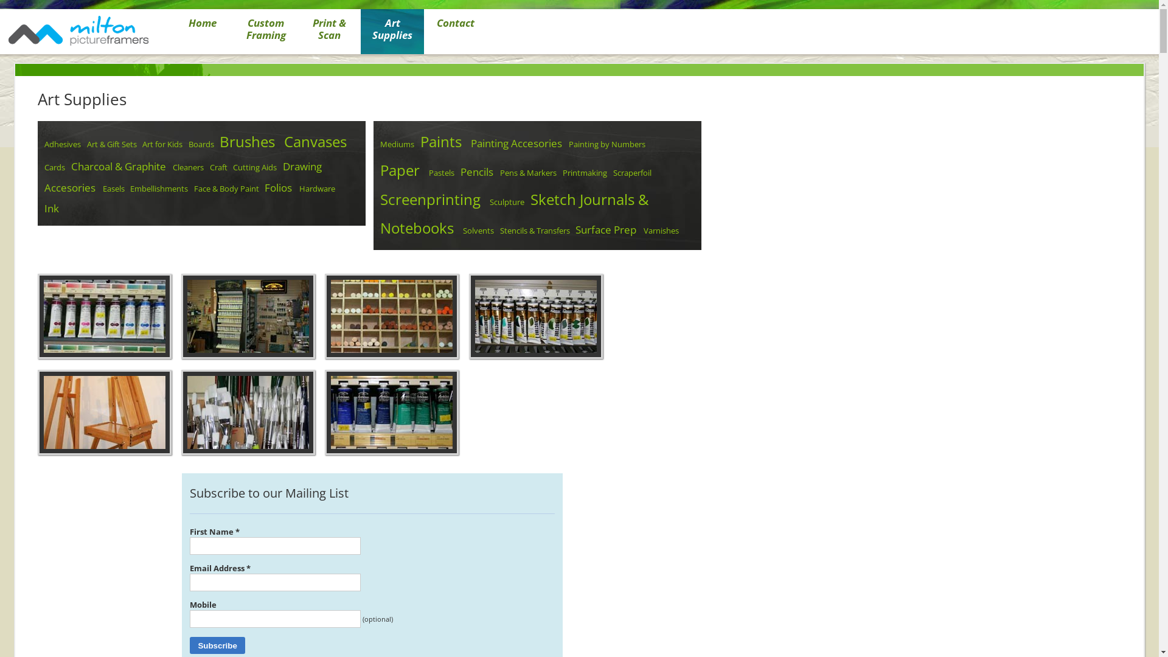  Describe the element at coordinates (513, 213) in the screenshot. I see `'Sketch Journals & Notebooks'` at that location.